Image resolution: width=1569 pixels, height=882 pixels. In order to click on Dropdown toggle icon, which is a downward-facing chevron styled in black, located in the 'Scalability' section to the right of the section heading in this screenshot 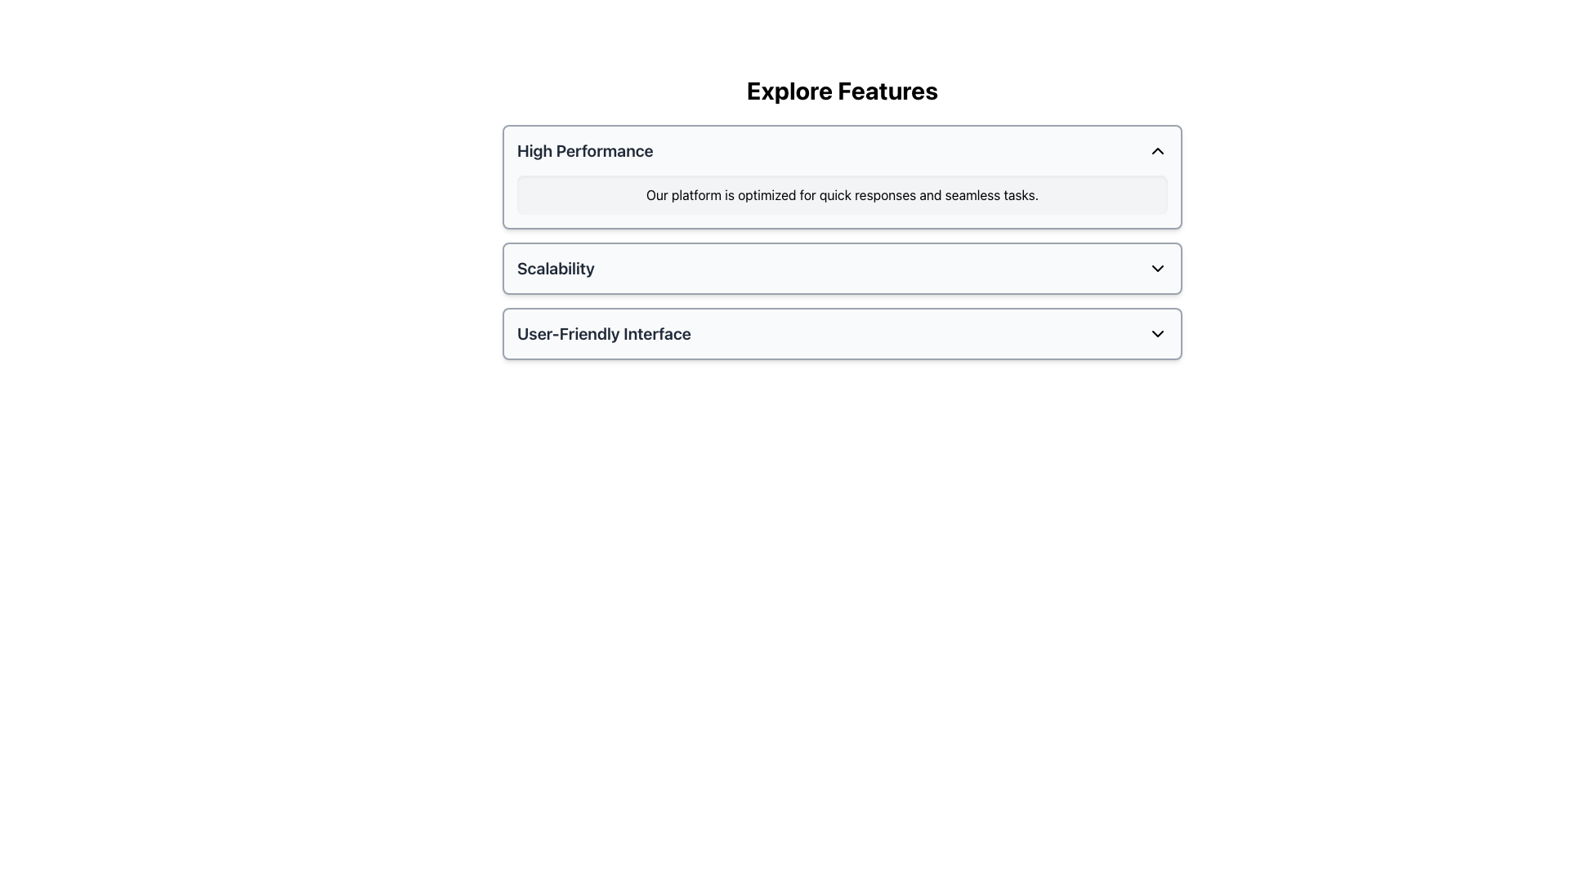, I will do `click(1156, 267)`.